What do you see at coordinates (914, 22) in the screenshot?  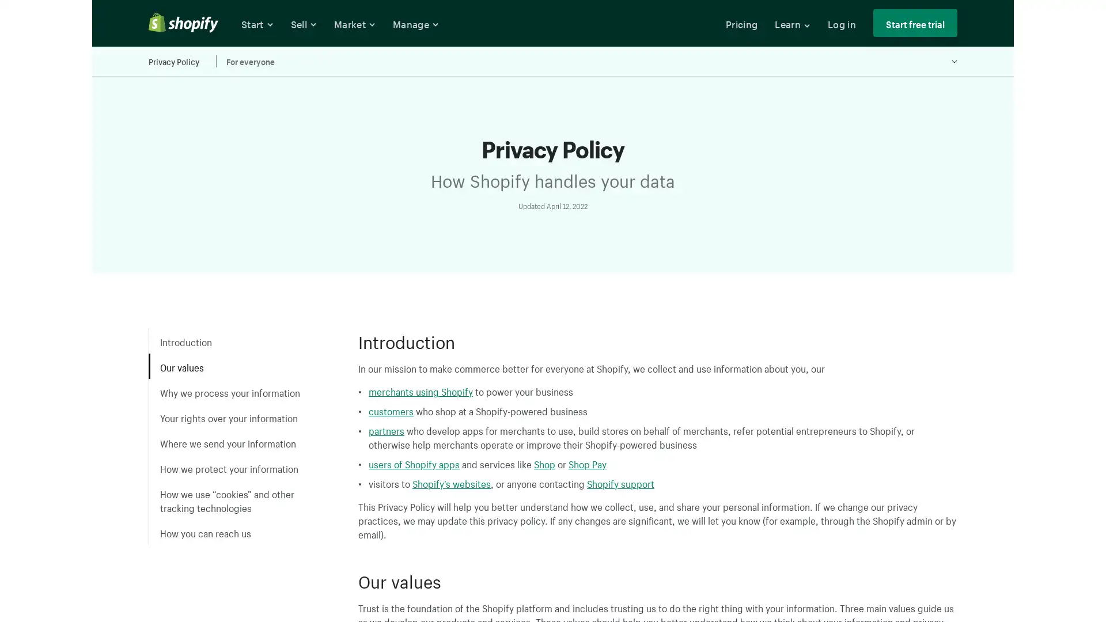 I see `Start free trial` at bounding box center [914, 22].